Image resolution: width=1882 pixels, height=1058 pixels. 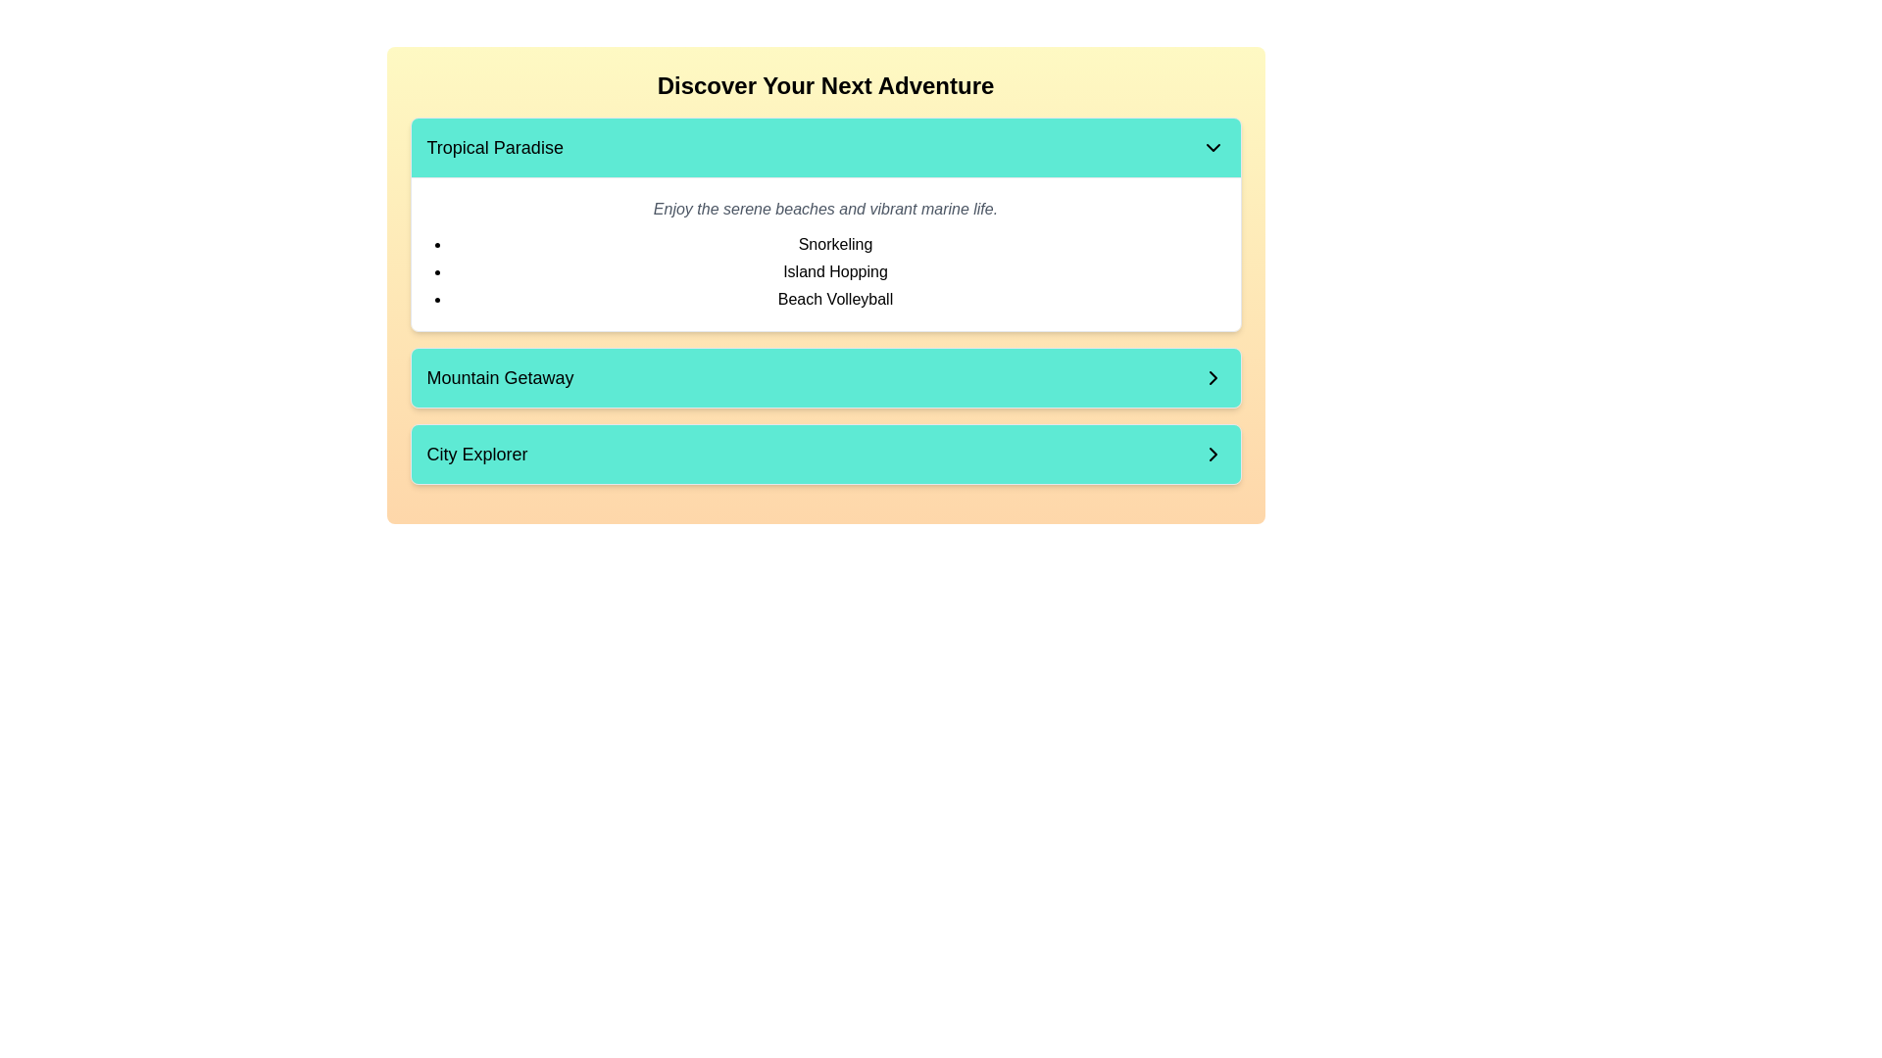 What do you see at coordinates (825, 377) in the screenshot?
I see `the 'Mountain Getaway' button with a teal background` at bounding box center [825, 377].